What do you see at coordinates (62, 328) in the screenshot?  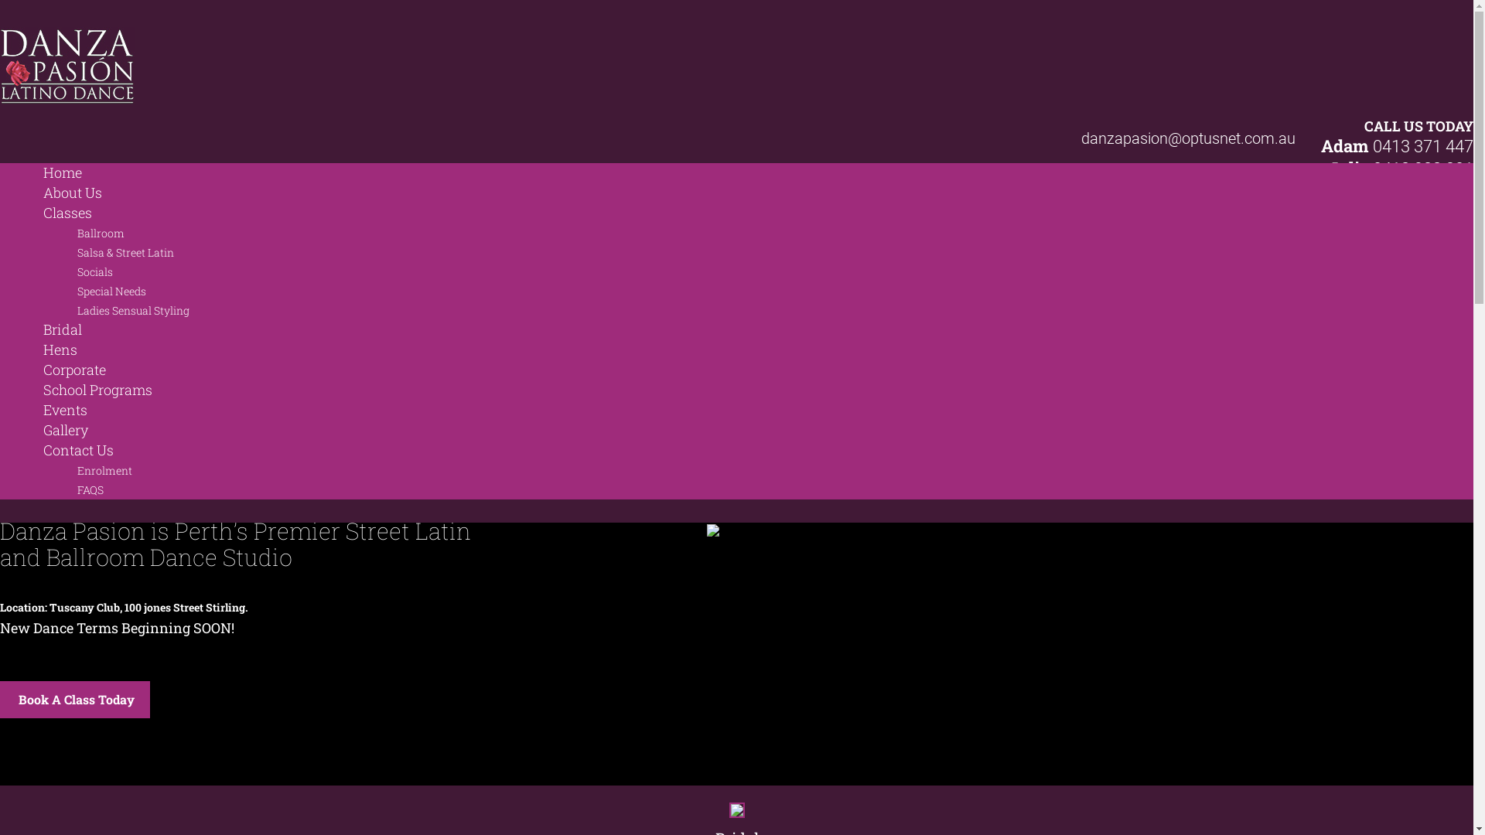 I see `'Bridal'` at bounding box center [62, 328].